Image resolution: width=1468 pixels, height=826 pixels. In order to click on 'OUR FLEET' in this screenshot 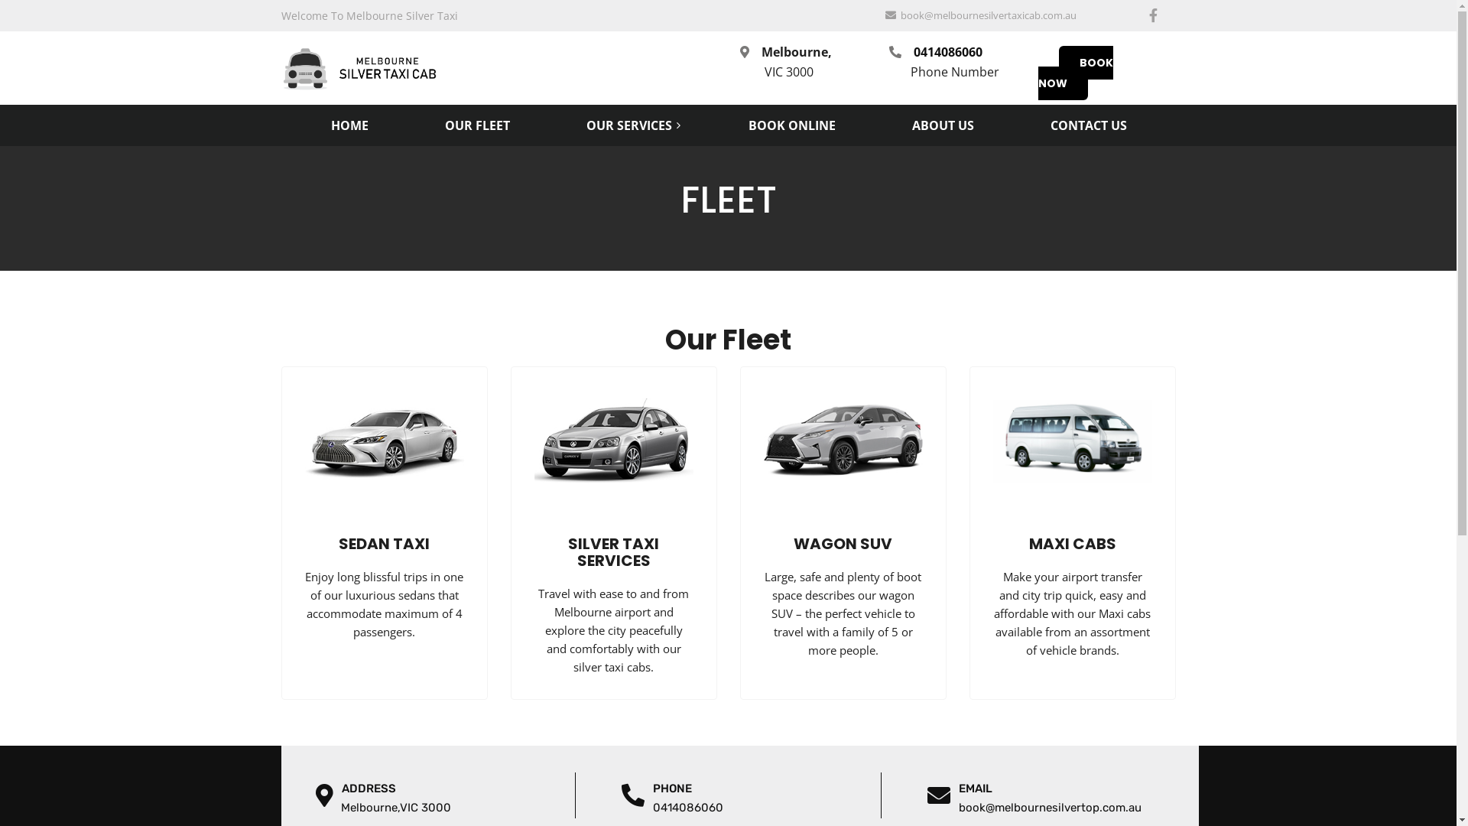, I will do `click(476, 122)`.